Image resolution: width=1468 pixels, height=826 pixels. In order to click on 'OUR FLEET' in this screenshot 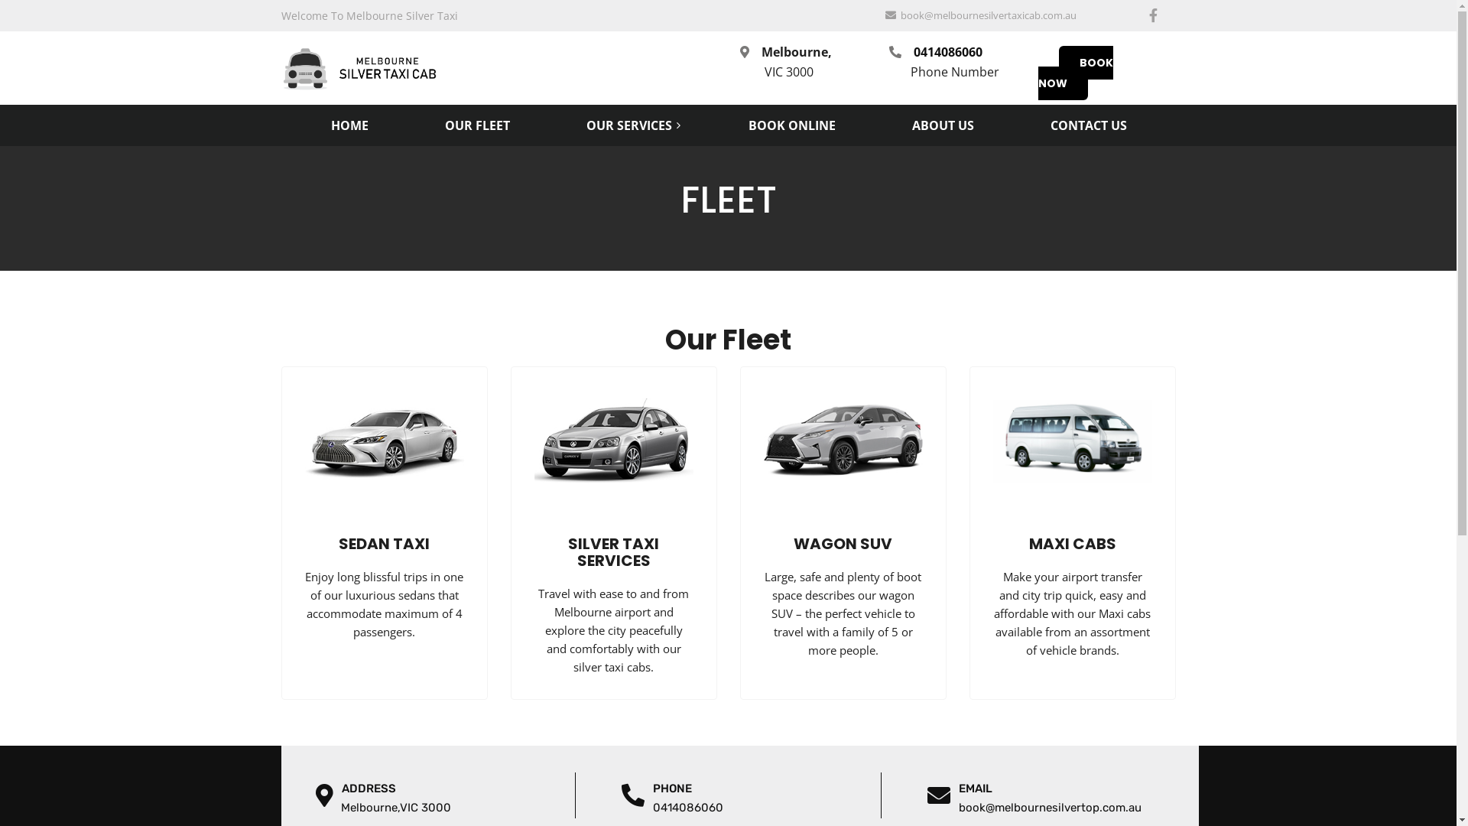, I will do `click(476, 122)`.